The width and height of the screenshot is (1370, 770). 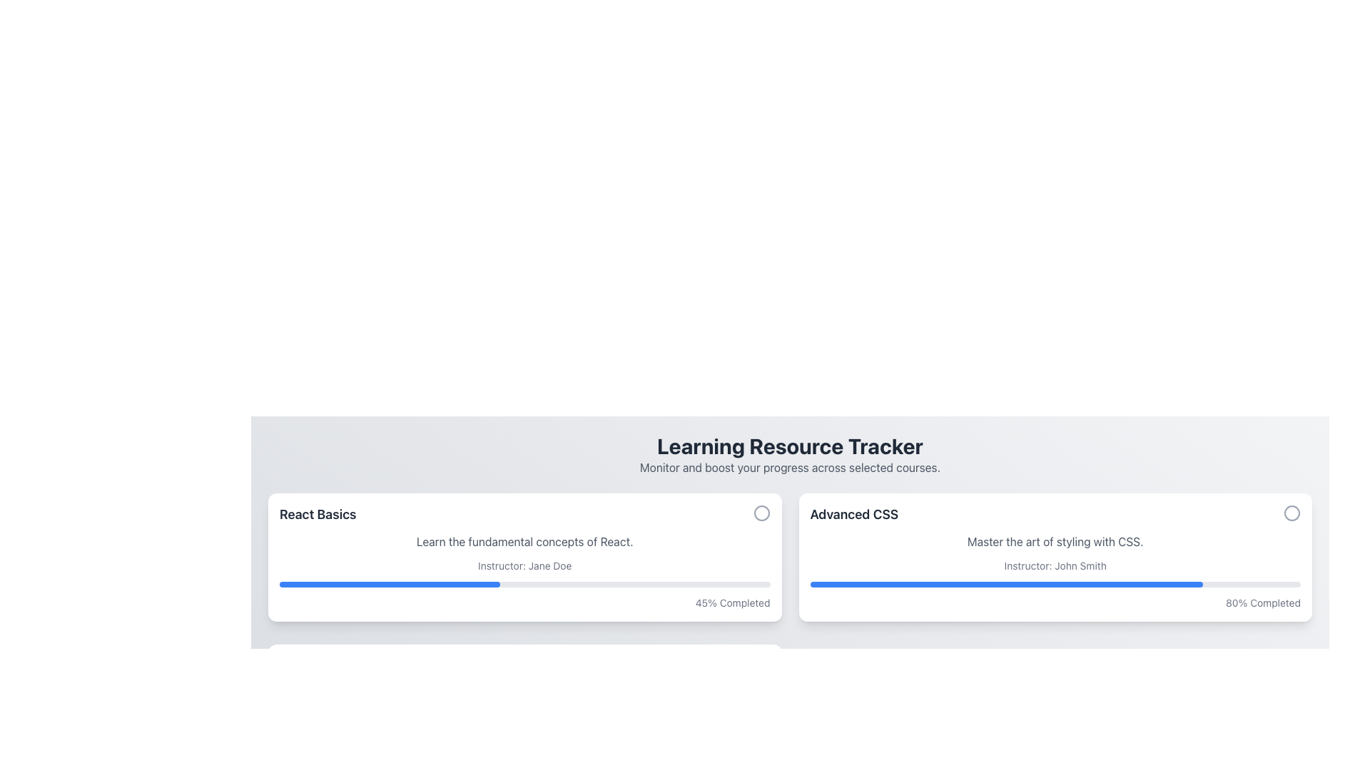 I want to click on text content of the description element labeled 'React Basics', located below the 'React Basics' title and above the 'Instructor: Jane Doe' text, so click(x=524, y=541).